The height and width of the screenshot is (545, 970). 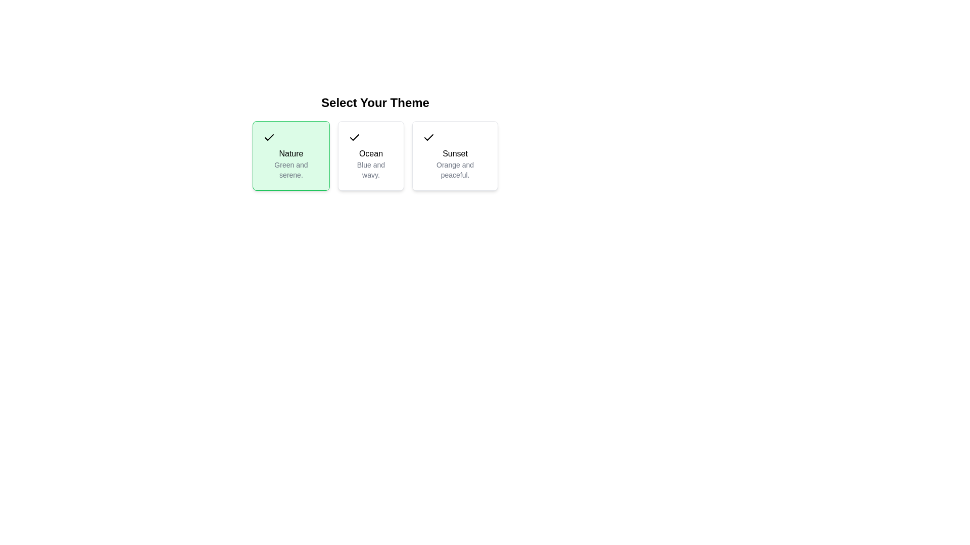 I want to click on the state of the checkmark icon indicating the selected 'Nature' theme card, which is located at the top-left corner of the card labeled 'Nature Green and serene', so click(x=429, y=137).